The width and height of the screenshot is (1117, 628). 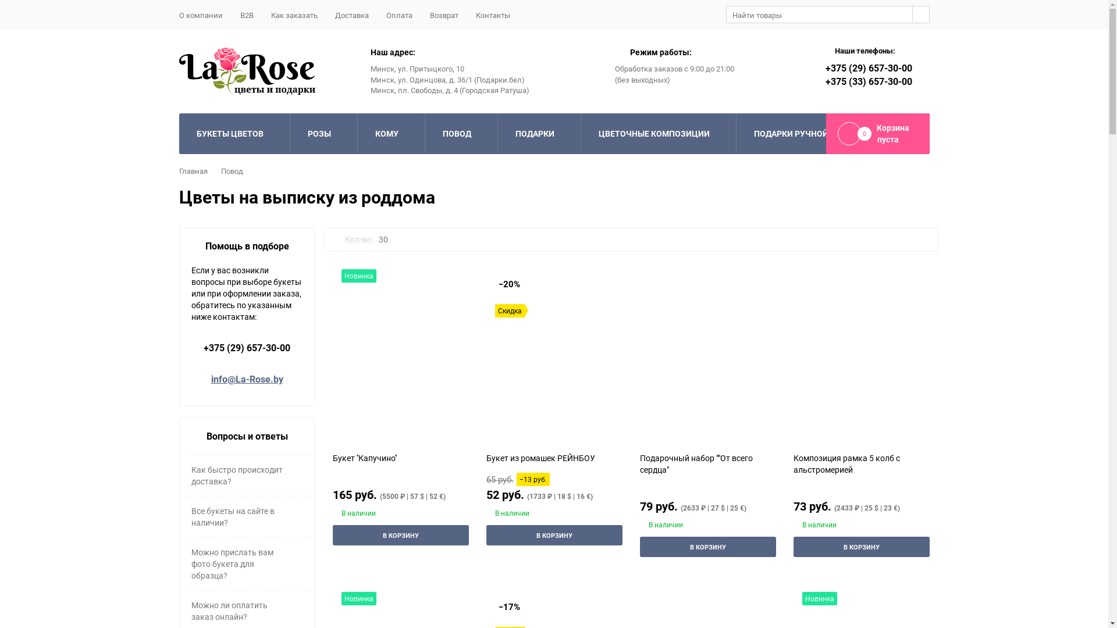 What do you see at coordinates (246, 347) in the screenshot?
I see `'+375 (29) 657-30-00'` at bounding box center [246, 347].